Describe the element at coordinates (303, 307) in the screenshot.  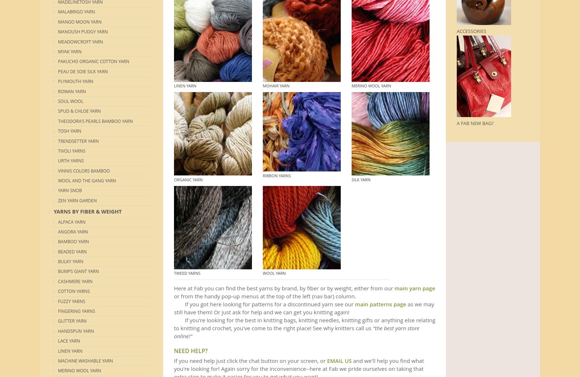
I see `'as we may still have them! Or just ask for help and we can get you knitting again!'` at that location.